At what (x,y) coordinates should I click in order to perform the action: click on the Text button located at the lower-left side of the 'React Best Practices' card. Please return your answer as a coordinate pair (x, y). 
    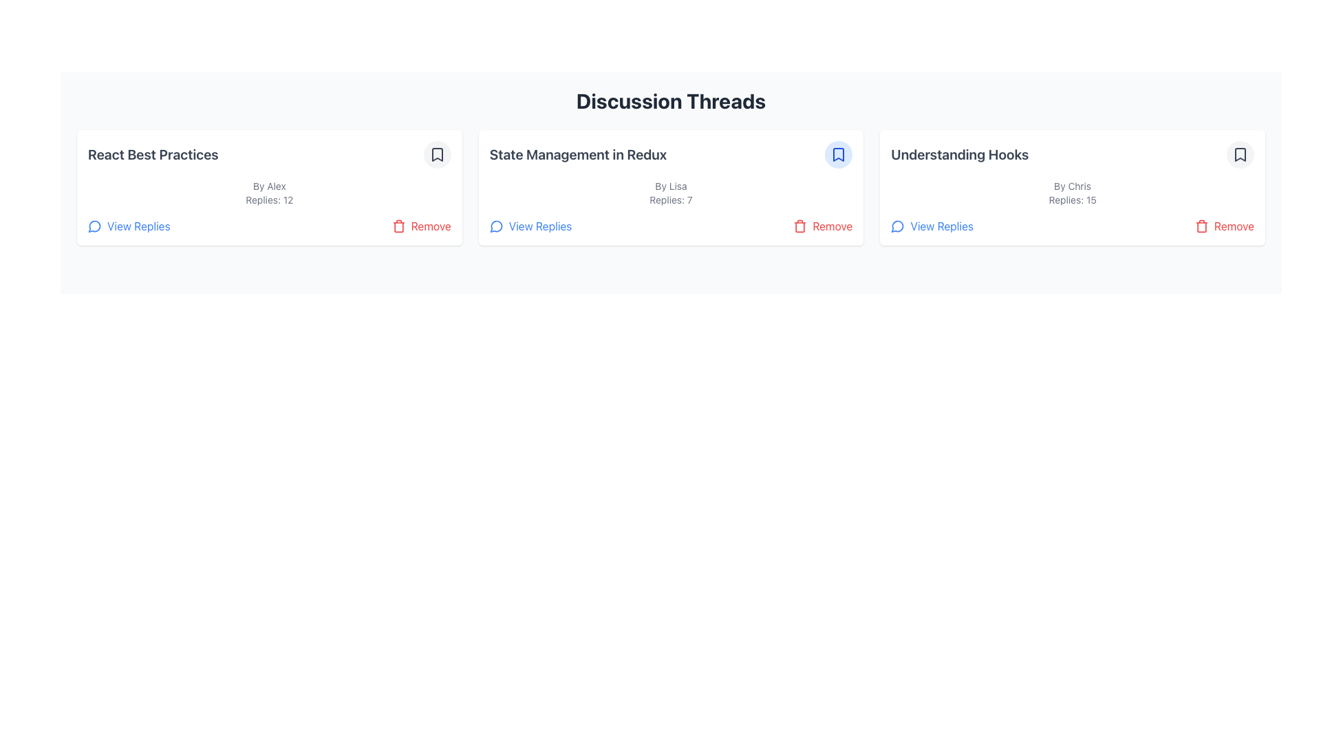
    Looking at the image, I should click on (138, 225).